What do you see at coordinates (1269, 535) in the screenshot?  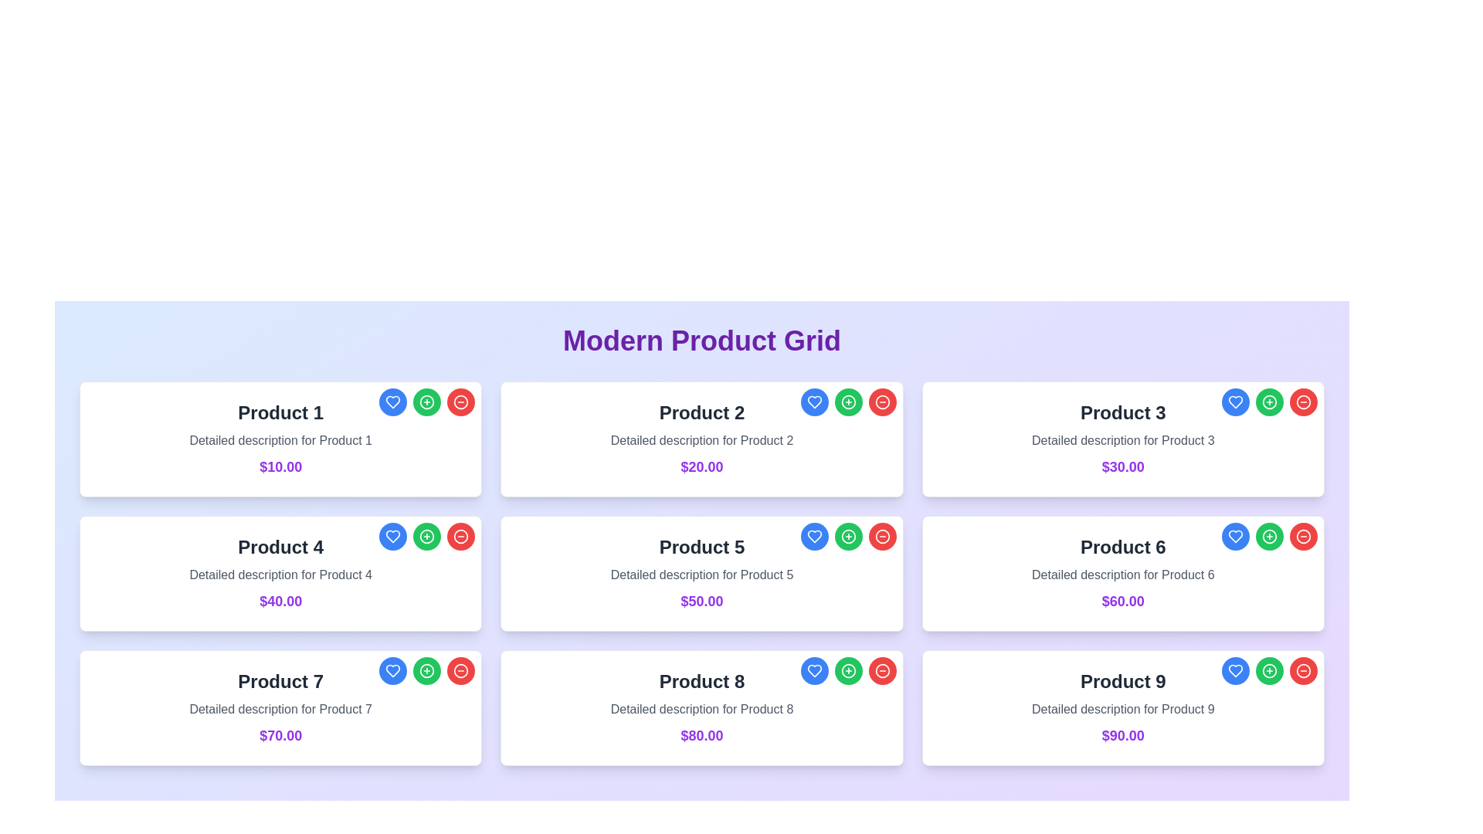 I see `the add button located in the top right of the card for 'Product 6', which is the second button in a row of three, positioned between a blue heart button and a red circular button` at bounding box center [1269, 535].